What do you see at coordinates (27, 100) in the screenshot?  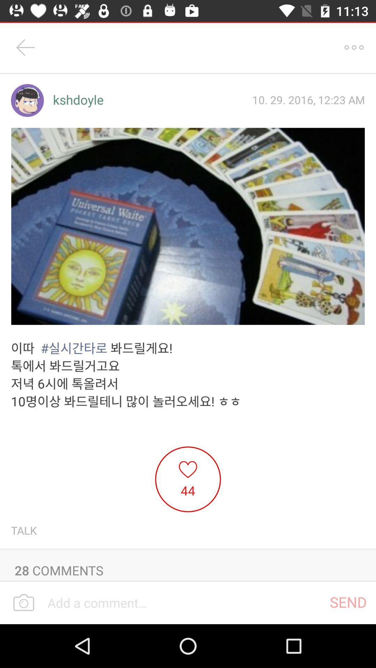 I see `item to the left of the kshdoyle icon` at bounding box center [27, 100].